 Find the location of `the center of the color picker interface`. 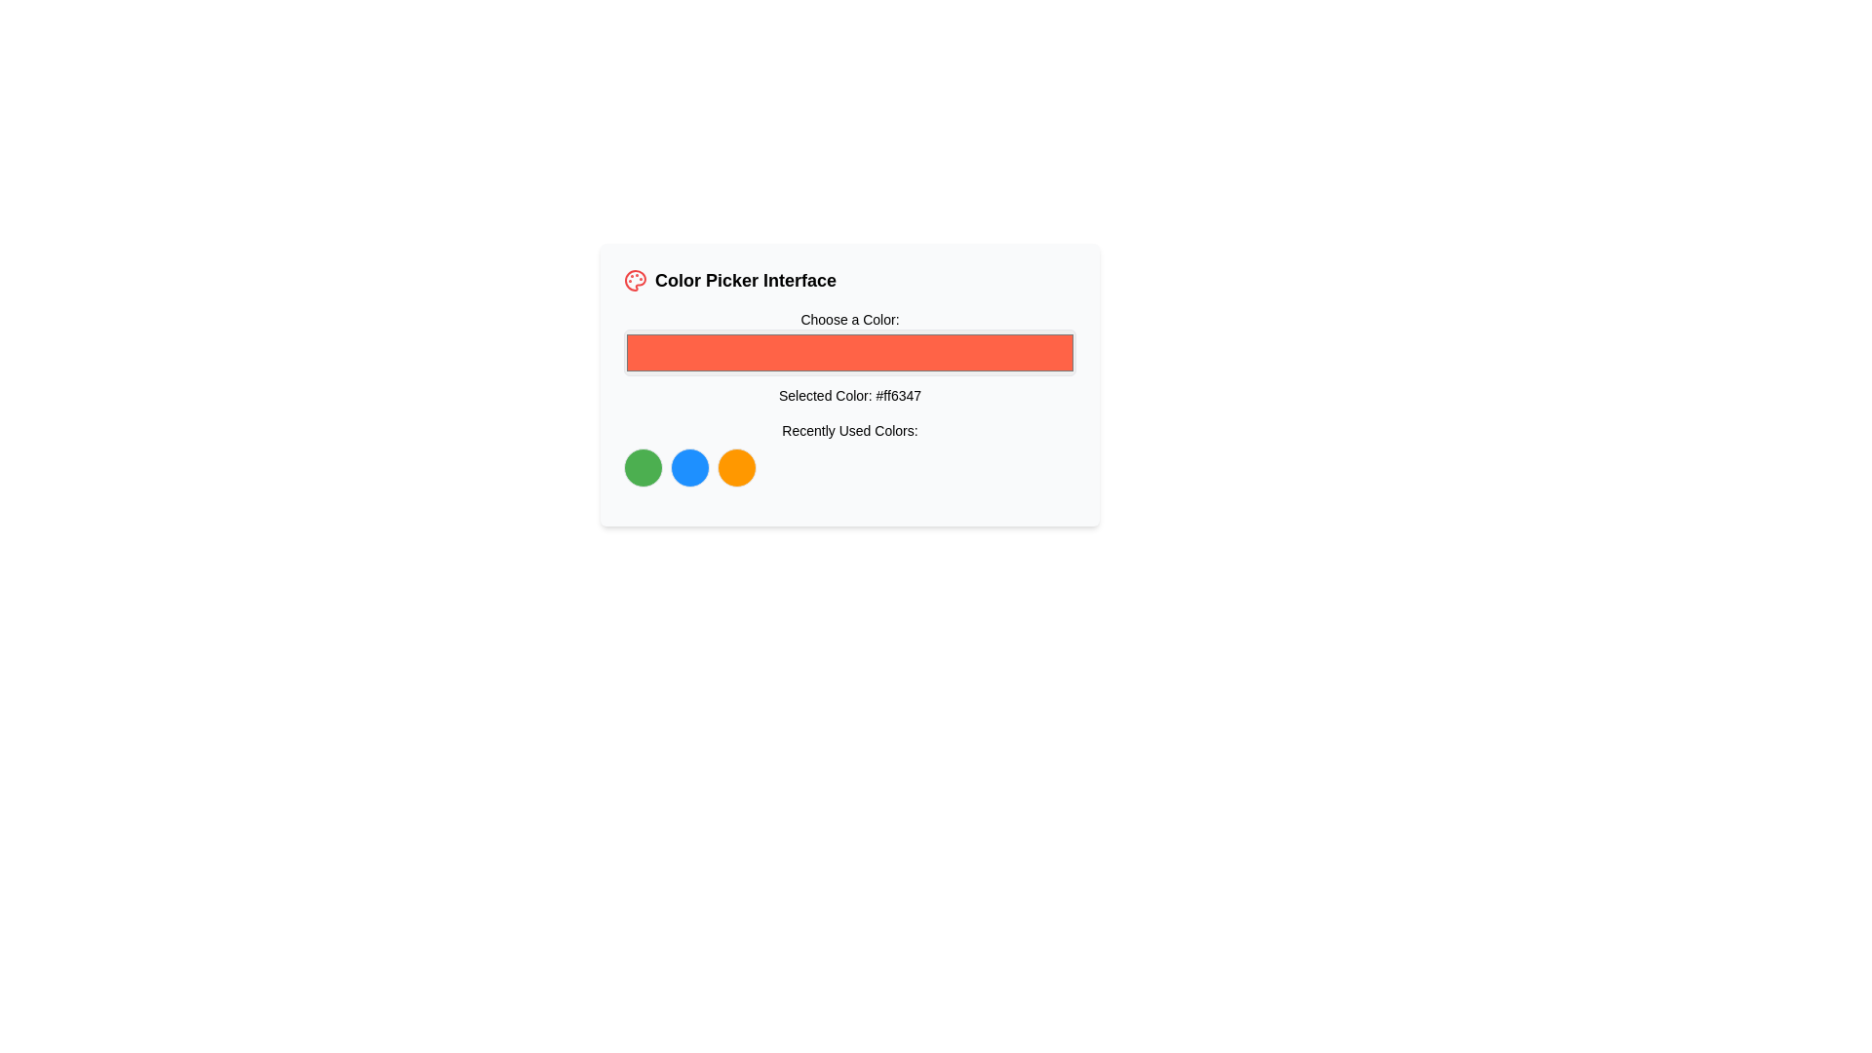

the center of the color picker interface is located at coordinates (850, 384).